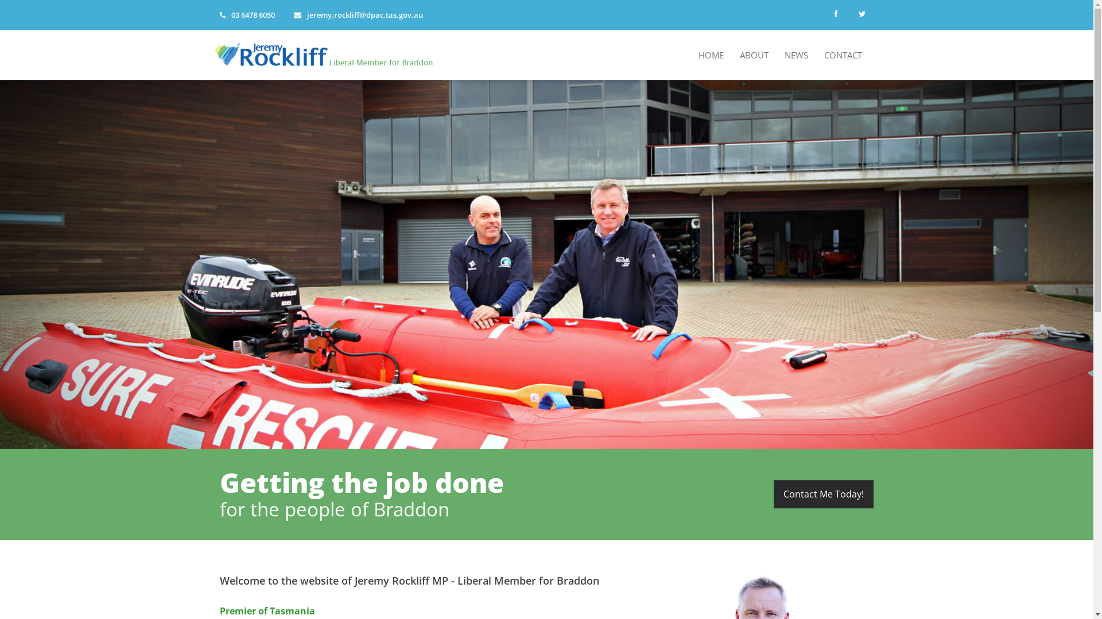 Image resolution: width=1102 pixels, height=619 pixels. What do you see at coordinates (327, 53) in the screenshot?
I see `'Jeremy Rockliff MP'` at bounding box center [327, 53].